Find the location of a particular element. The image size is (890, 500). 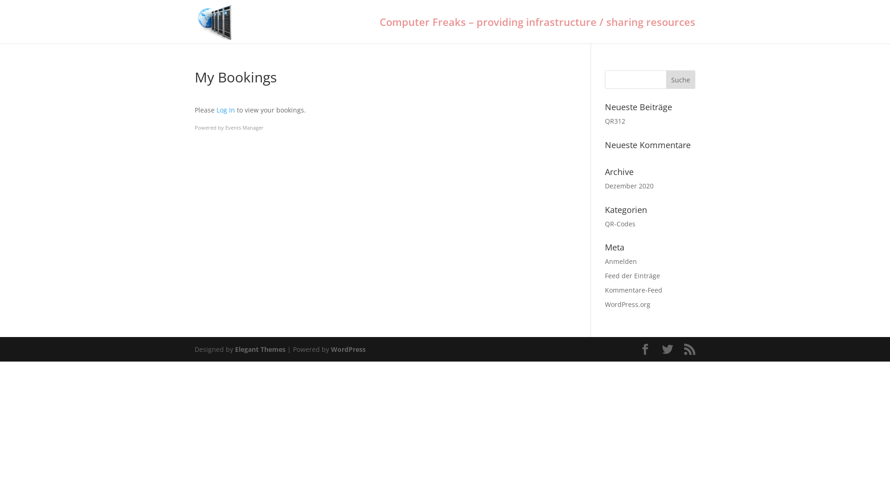

'Dezember 2020' is located at coordinates (629, 186).